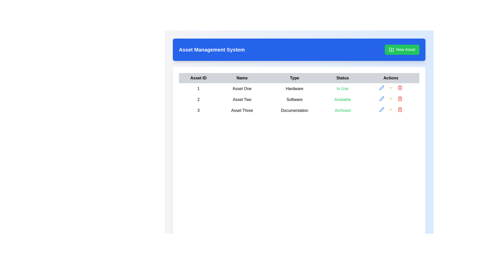 This screenshot has width=488, height=274. Describe the element at coordinates (391, 49) in the screenshot. I see `the green folder-like icon with a tab-like protrusion located on the far right of the blue header bar, adjacent to the 'New Asset' button` at that location.